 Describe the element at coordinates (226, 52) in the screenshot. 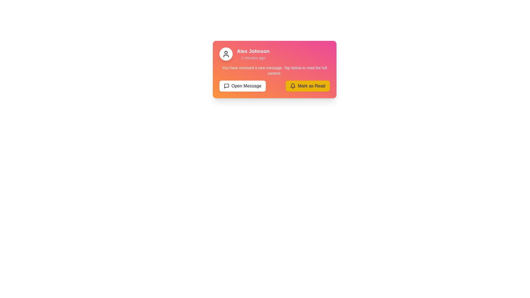

I see `the circular user profile icon located at the top left corner of the notification card, which visually represents the user's avatar or profile picture` at that location.